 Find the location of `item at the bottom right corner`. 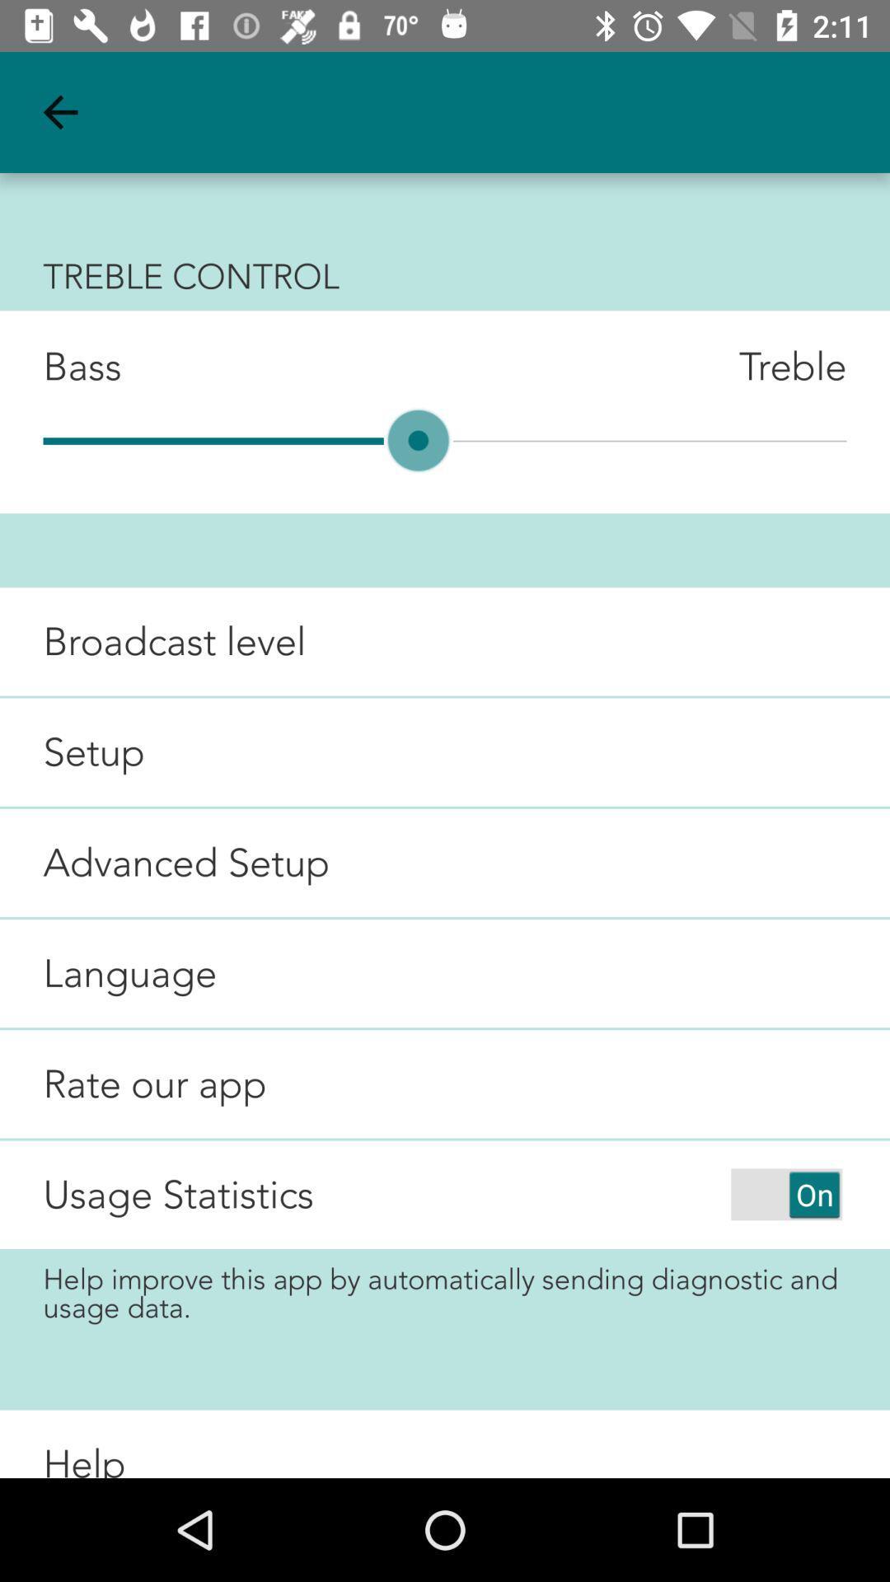

item at the bottom right corner is located at coordinates (785, 1194).